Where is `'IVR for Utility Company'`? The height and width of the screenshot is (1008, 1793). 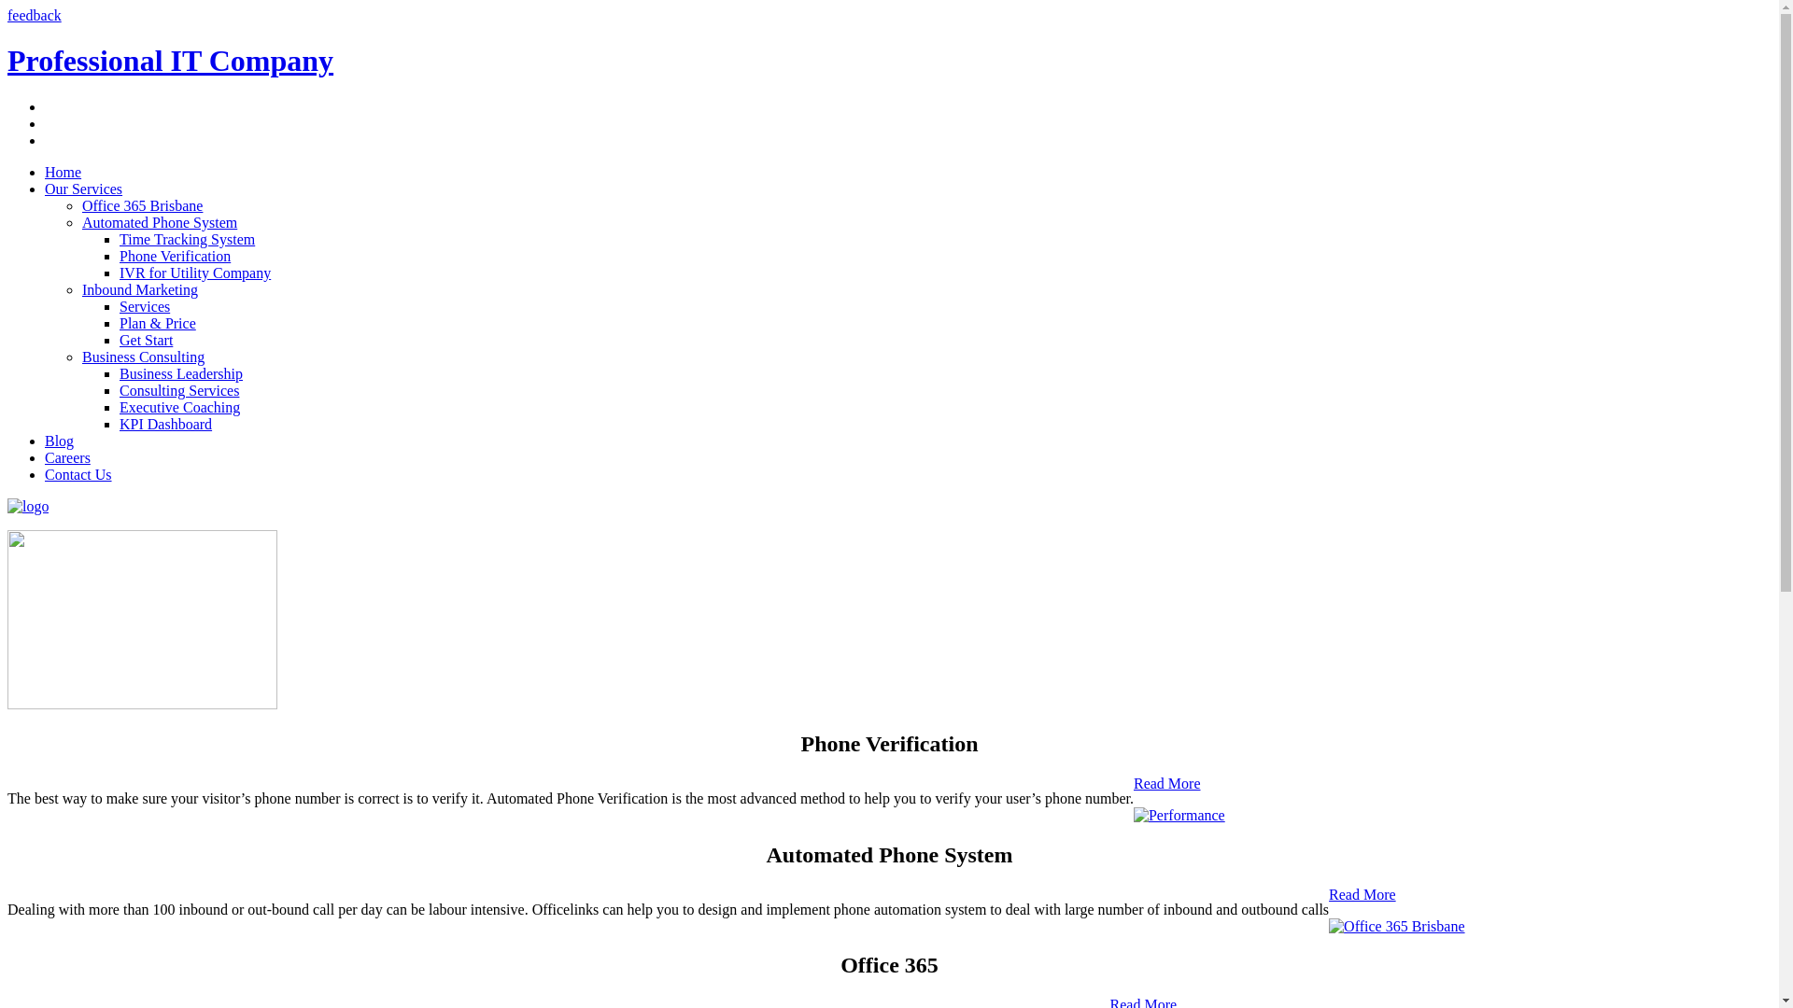 'IVR for Utility Company' is located at coordinates (119, 273).